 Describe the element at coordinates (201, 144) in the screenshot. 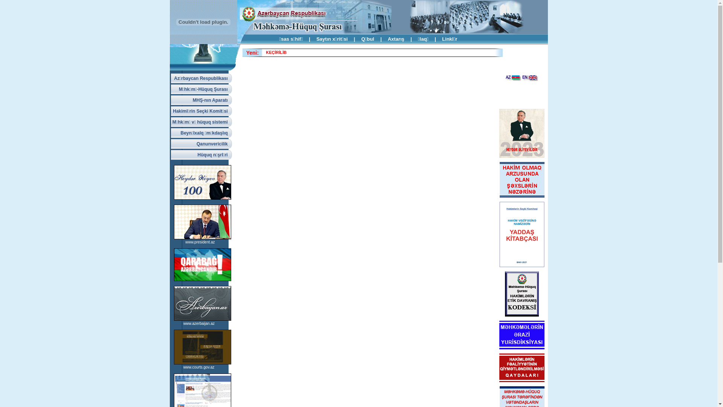

I see `'Qanunvericilik'` at that location.